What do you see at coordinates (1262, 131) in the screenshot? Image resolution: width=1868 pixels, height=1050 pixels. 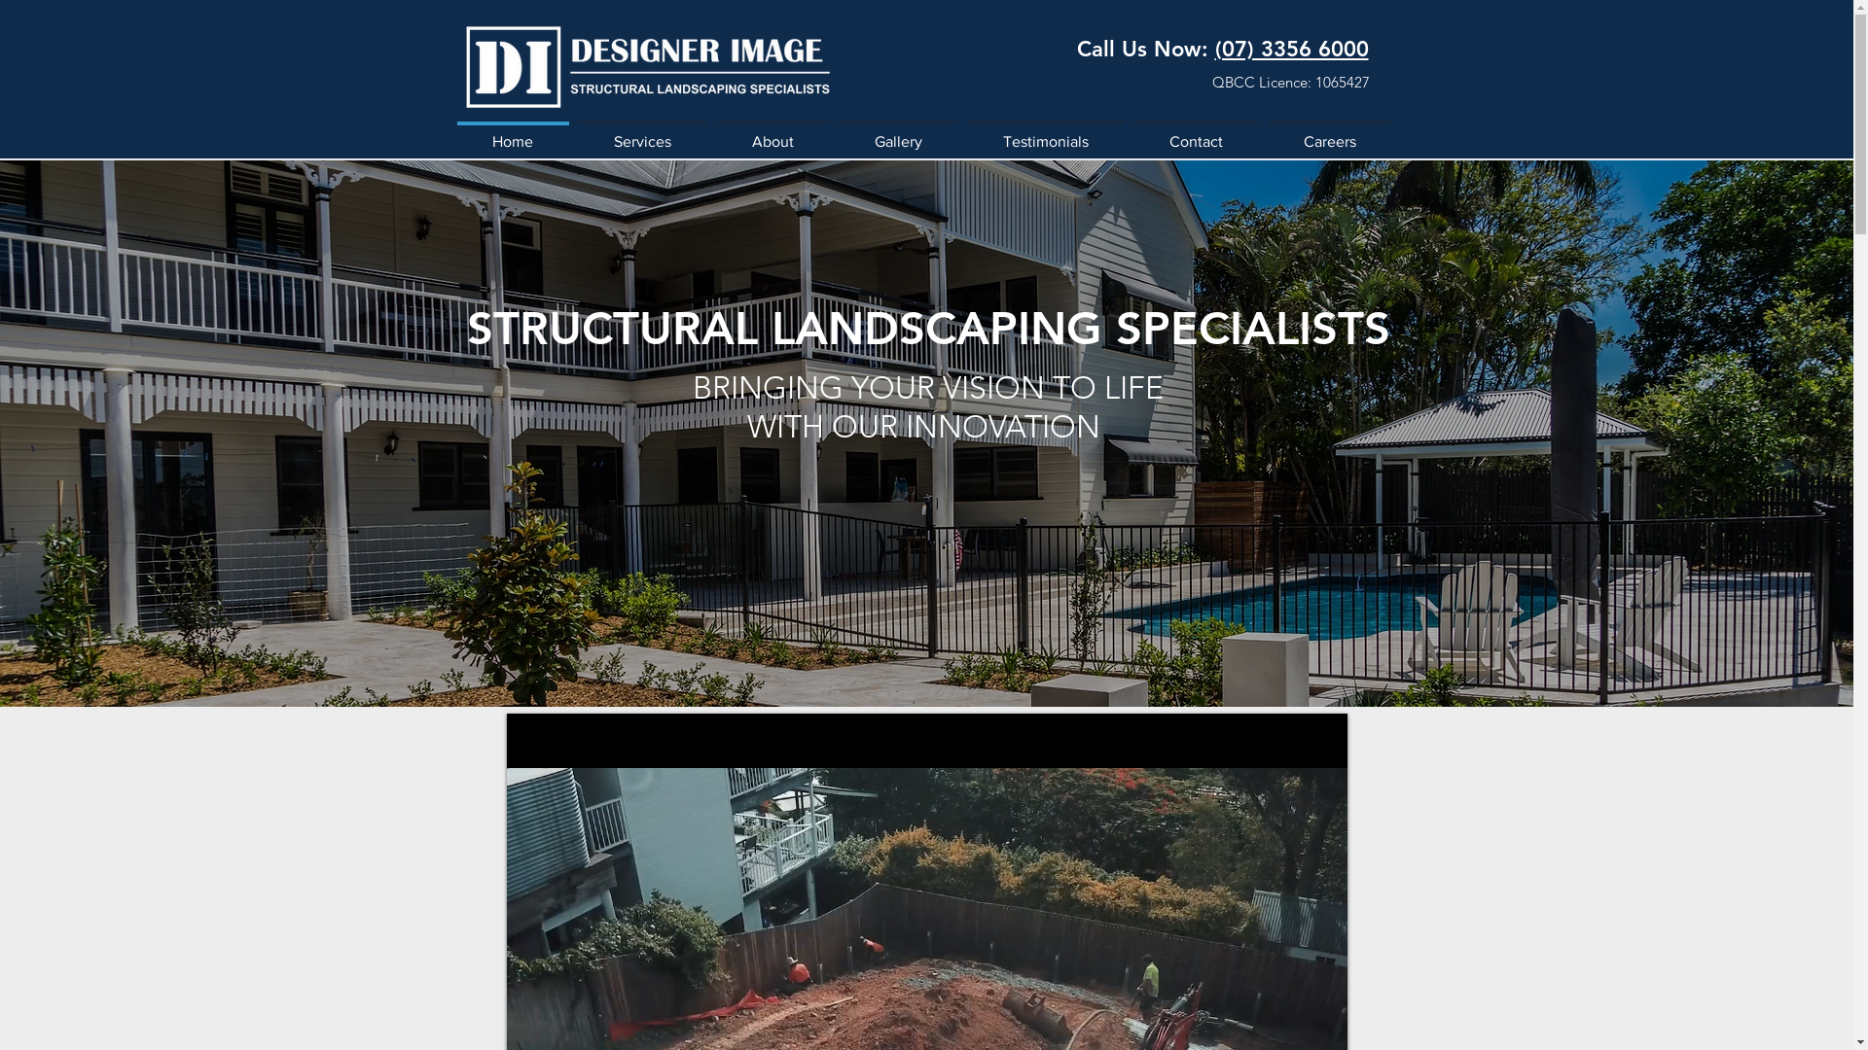 I see `'Careers'` at bounding box center [1262, 131].